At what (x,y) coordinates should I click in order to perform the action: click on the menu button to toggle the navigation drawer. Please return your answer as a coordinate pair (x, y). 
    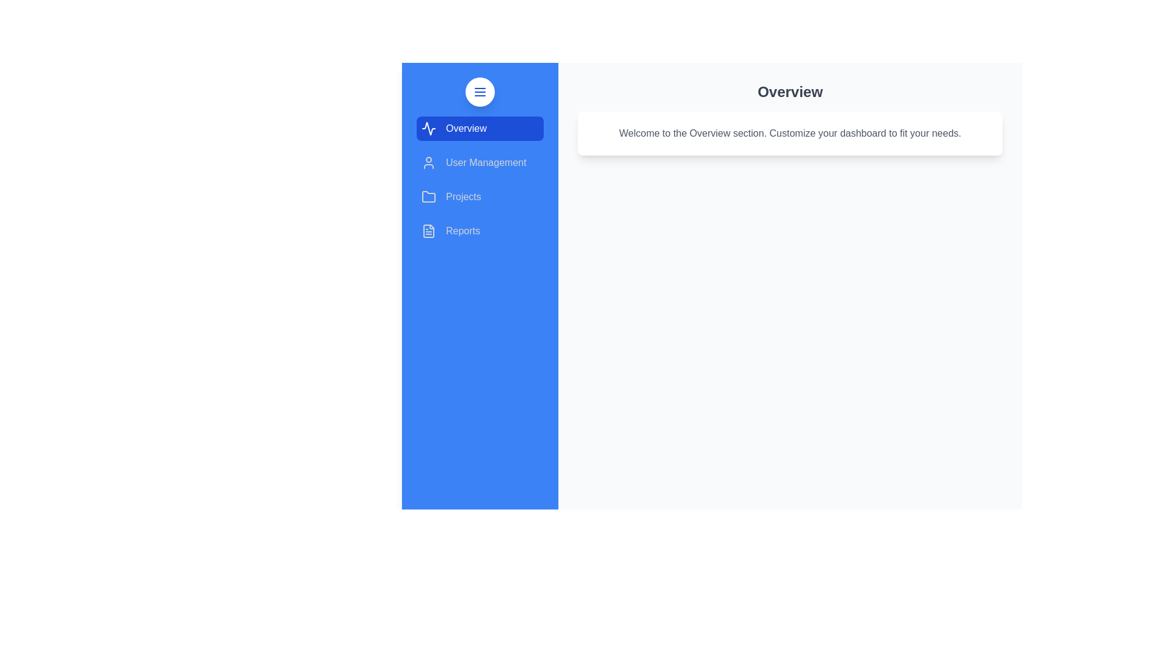
    Looking at the image, I should click on (480, 91).